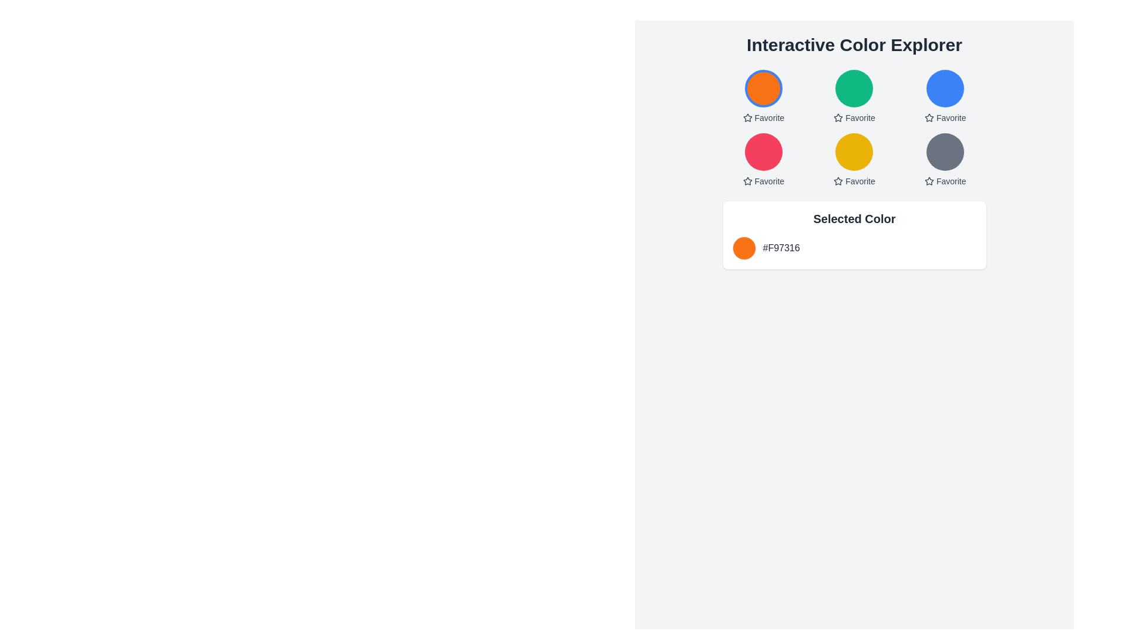 The height and width of the screenshot is (634, 1128). I want to click on the 'Favorite' text label, which is displayed in a small-sized gray font and is located to the right of a star icon beneath the orange circular button, so click(769, 117).